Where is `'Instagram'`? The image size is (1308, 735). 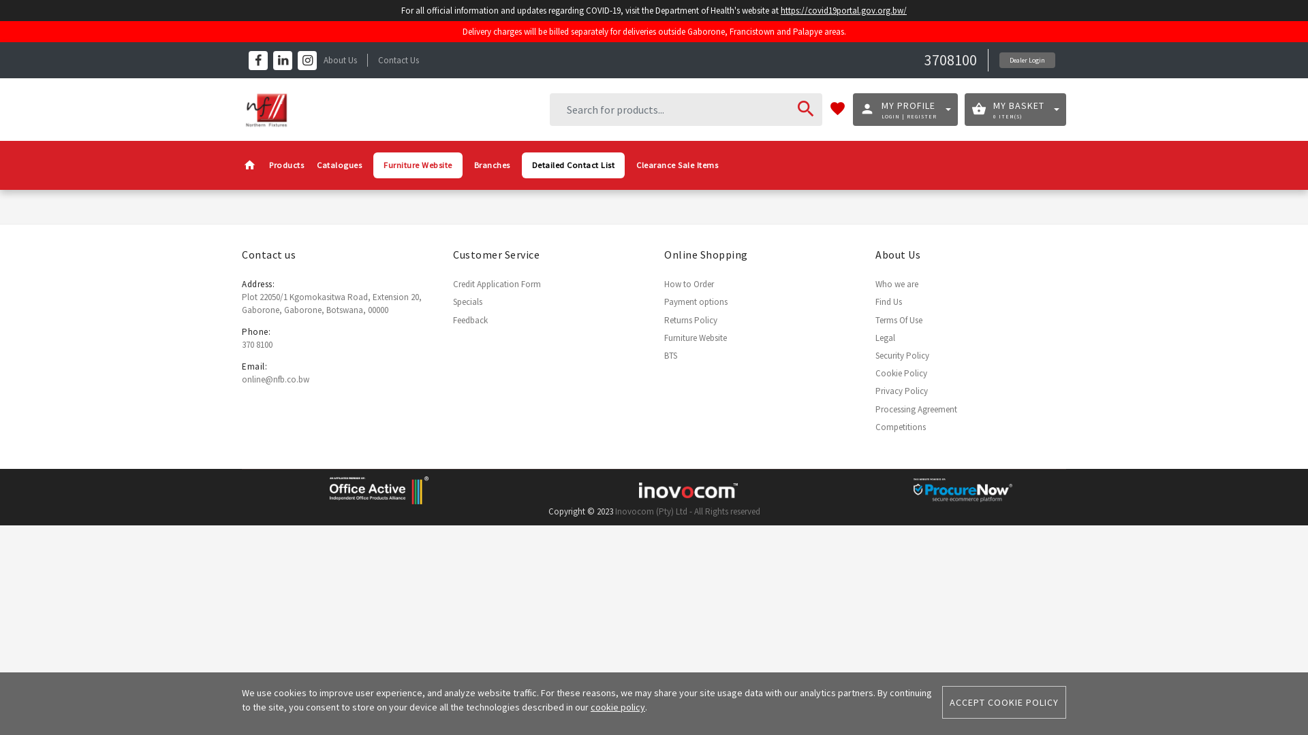 'Instagram' is located at coordinates (307, 59).